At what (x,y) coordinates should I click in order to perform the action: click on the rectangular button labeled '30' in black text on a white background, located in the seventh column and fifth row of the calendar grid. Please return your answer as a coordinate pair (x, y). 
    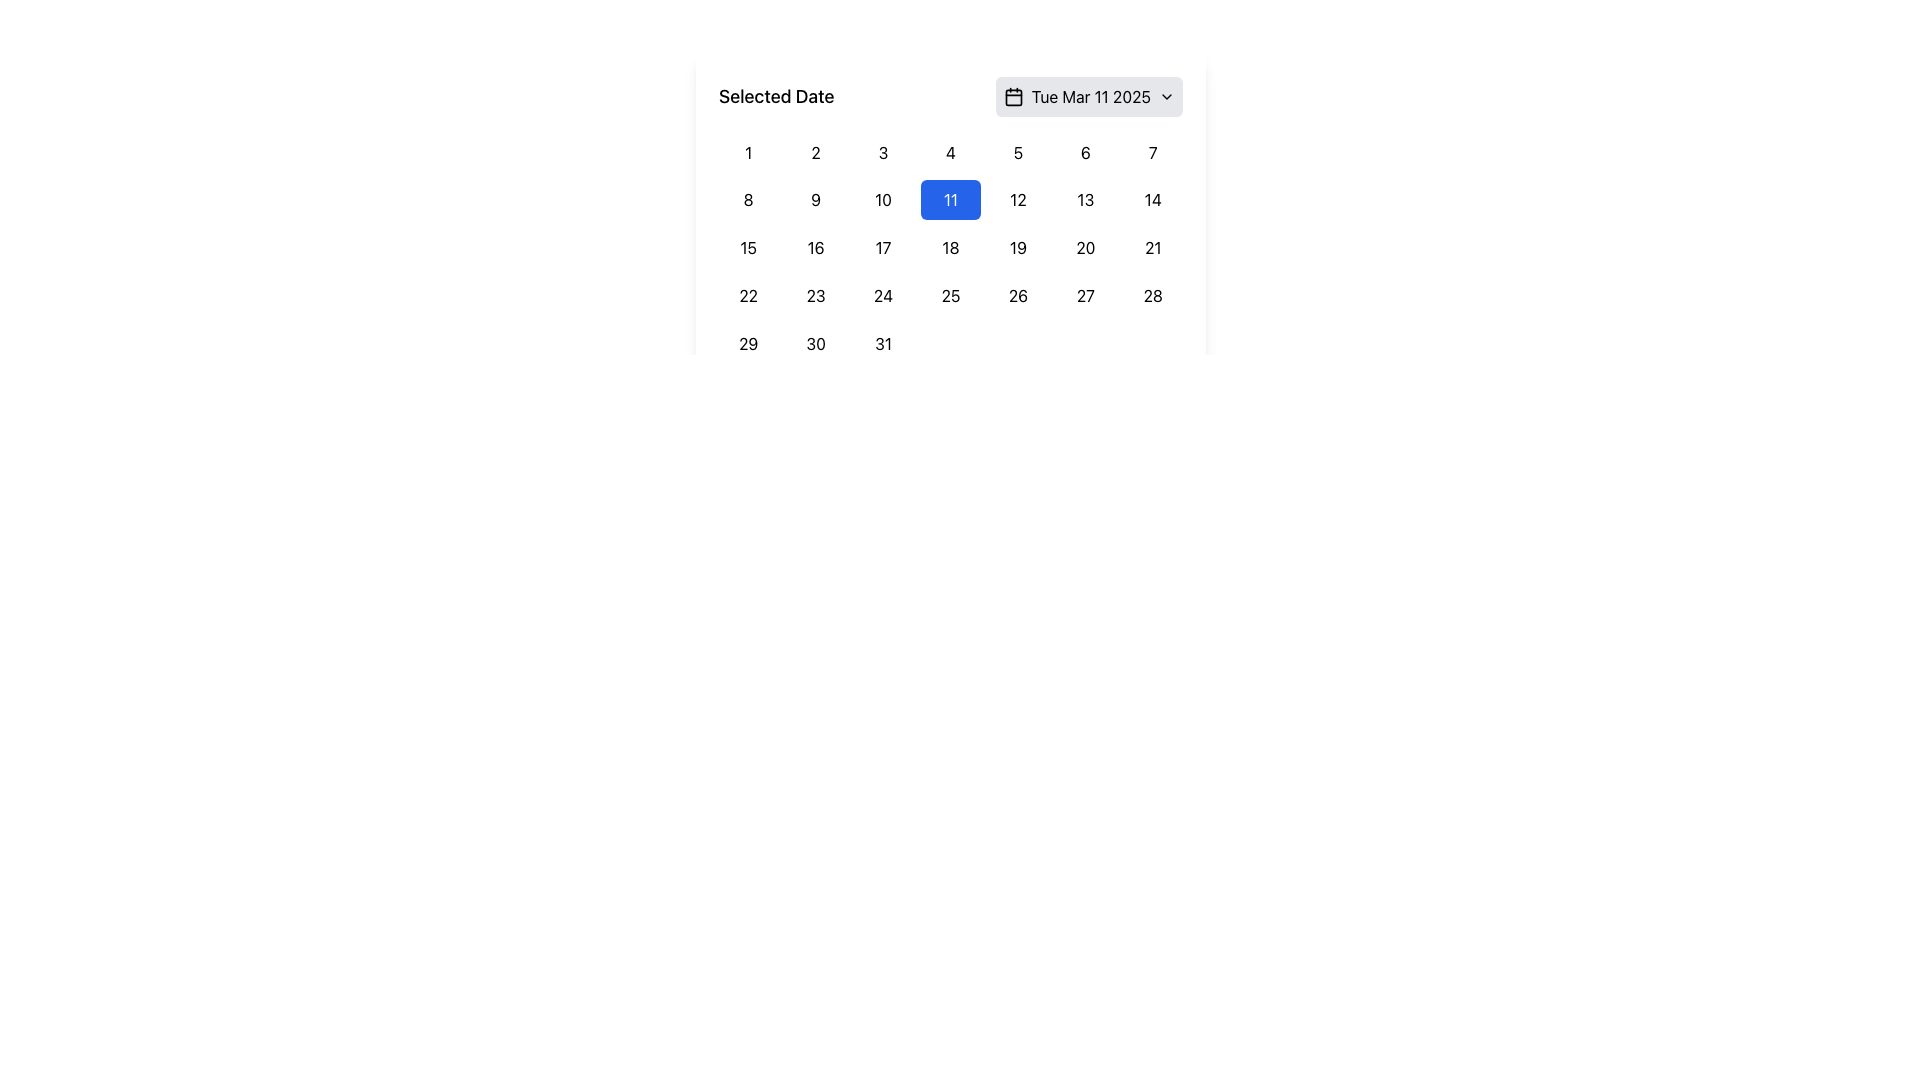
    Looking at the image, I should click on (816, 342).